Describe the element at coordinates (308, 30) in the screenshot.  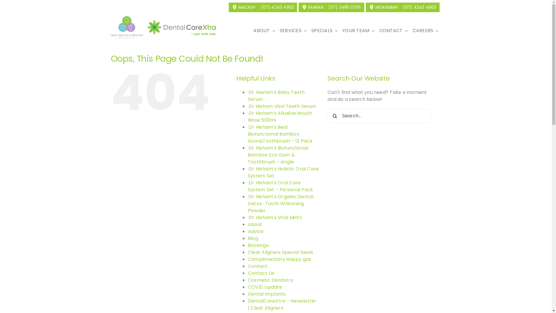
I see `'SPECIALS'` at that location.